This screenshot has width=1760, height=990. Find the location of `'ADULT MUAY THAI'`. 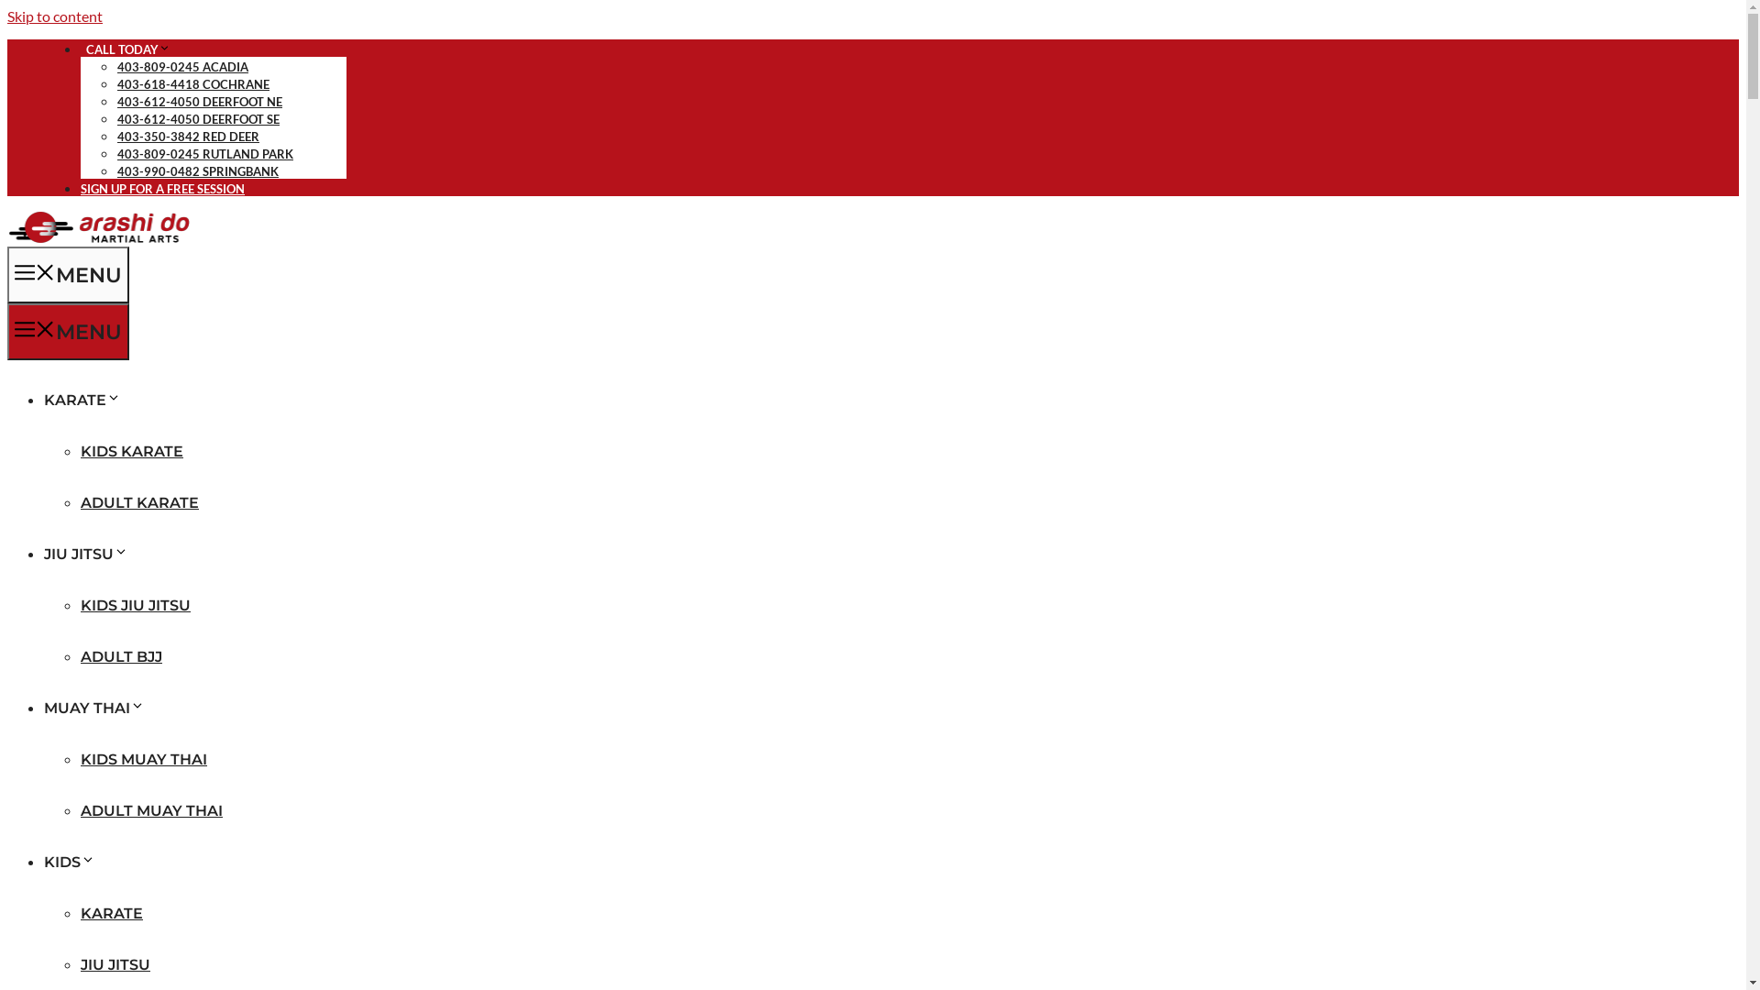

'ADULT MUAY THAI' is located at coordinates (151, 809).